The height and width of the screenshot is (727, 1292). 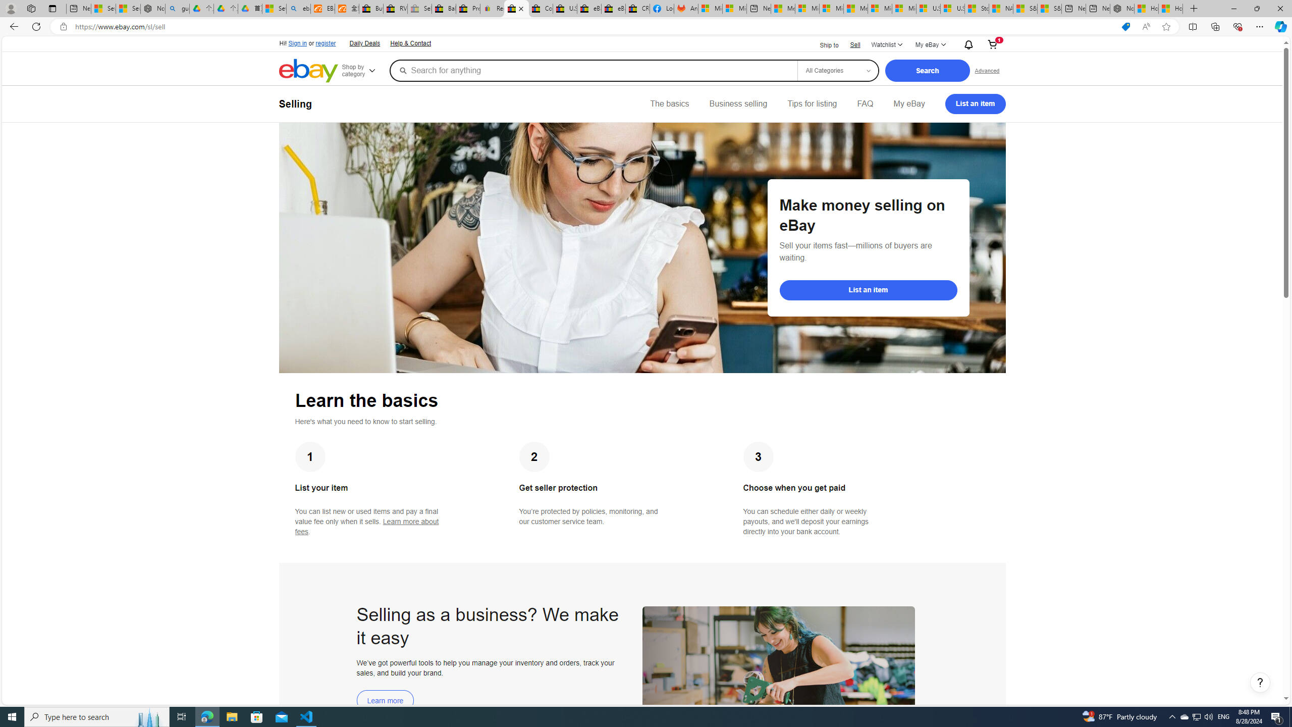 What do you see at coordinates (992, 44) in the screenshot?
I see `'Expand Cart'` at bounding box center [992, 44].